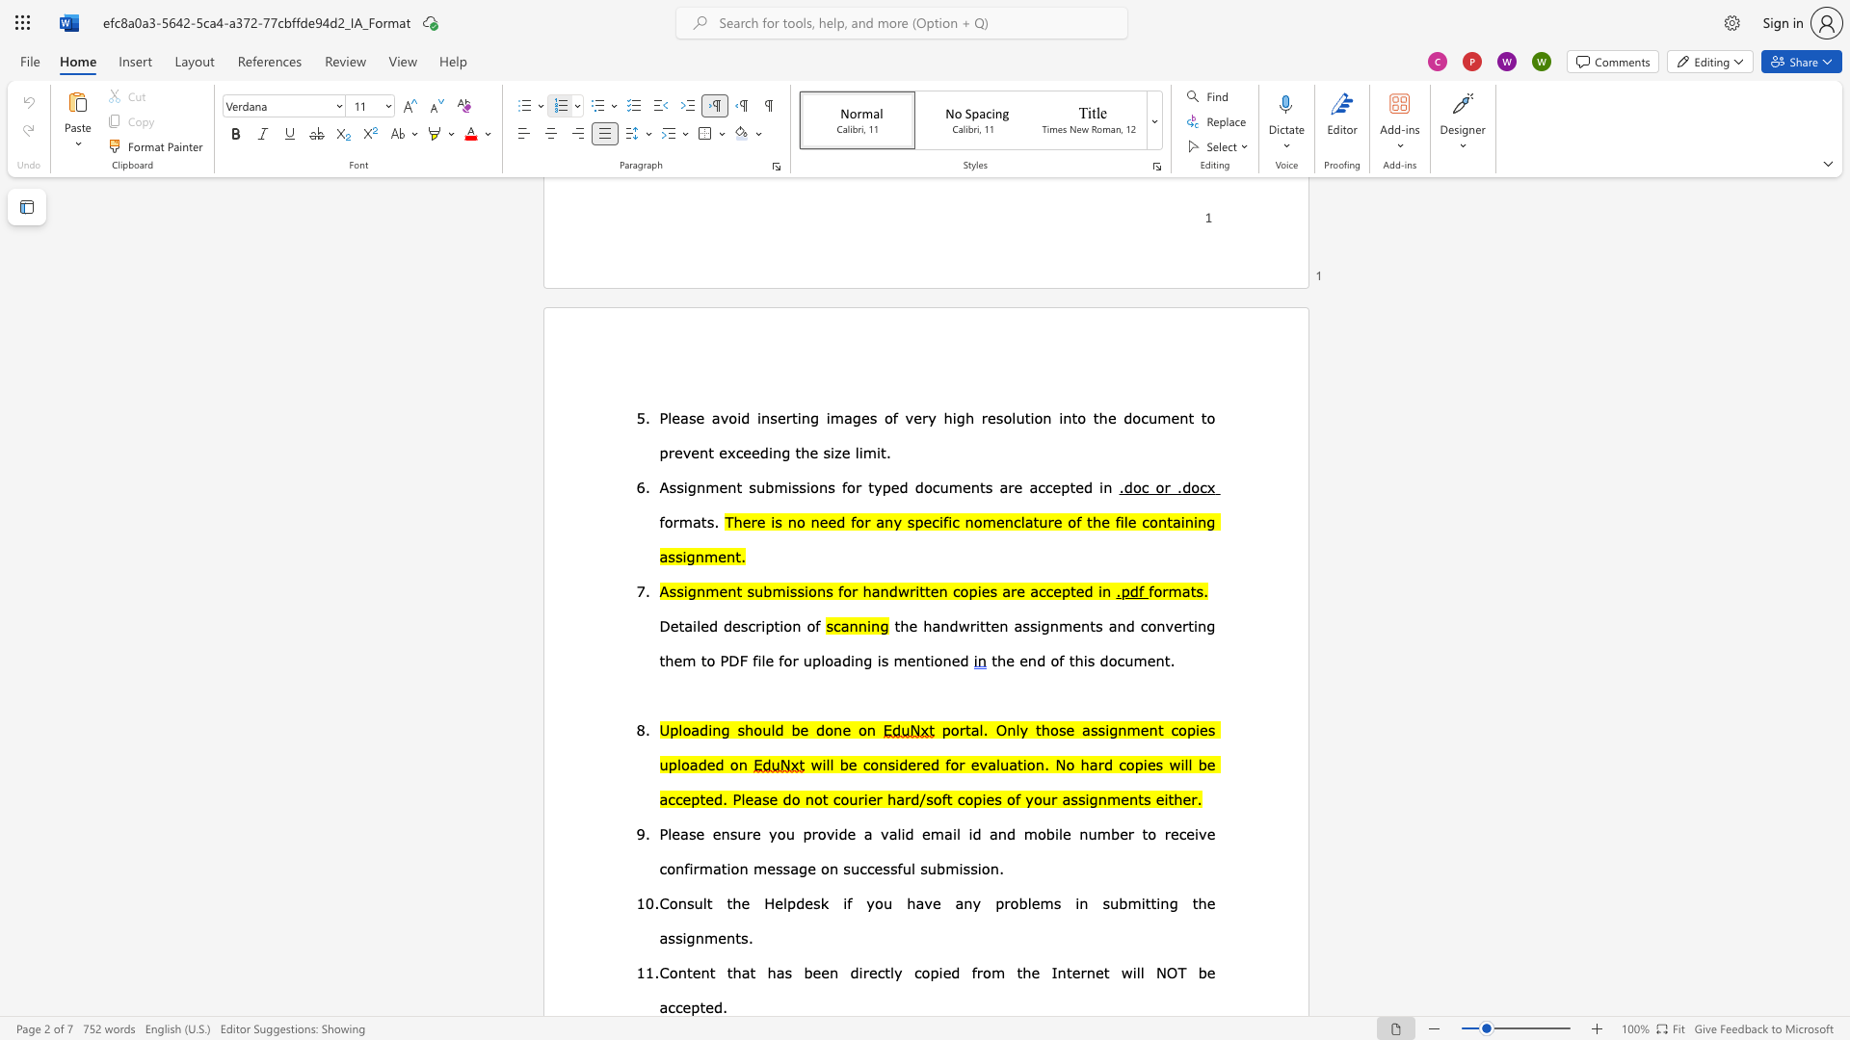  What do you see at coordinates (1210, 973) in the screenshot?
I see `the 9th character "e" in the text` at bounding box center [1210, 973].